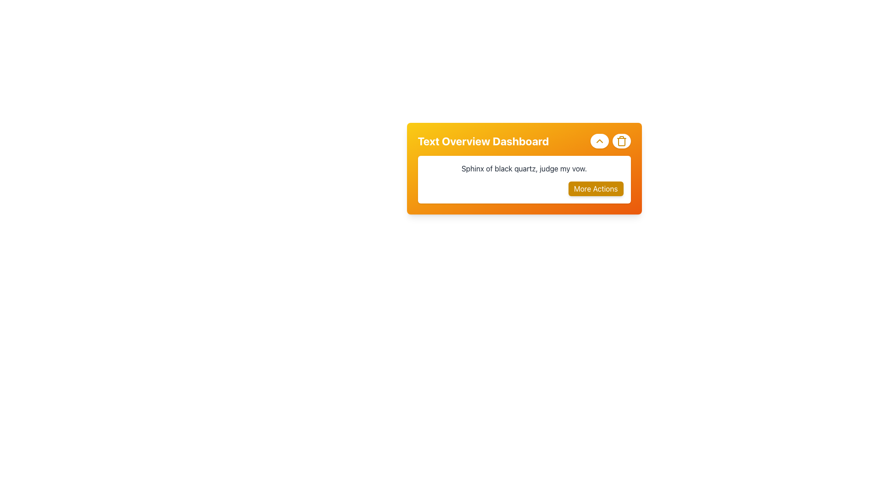  What do you see at coordinates (621, 141) in the screenshot?
I see `the delete button located at the top-right corner of the orange-colored card` at bounding box center [621, 141].